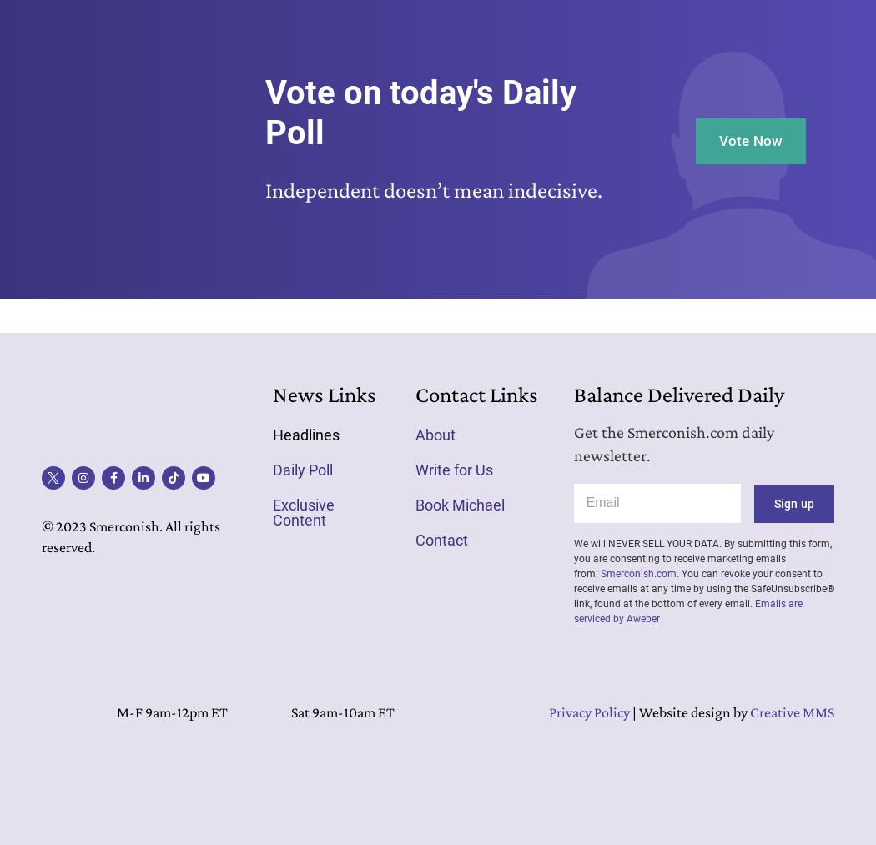 The height and width of the screenshot is (845, 876). I want to click on 'Headlines', so click(305, 434).